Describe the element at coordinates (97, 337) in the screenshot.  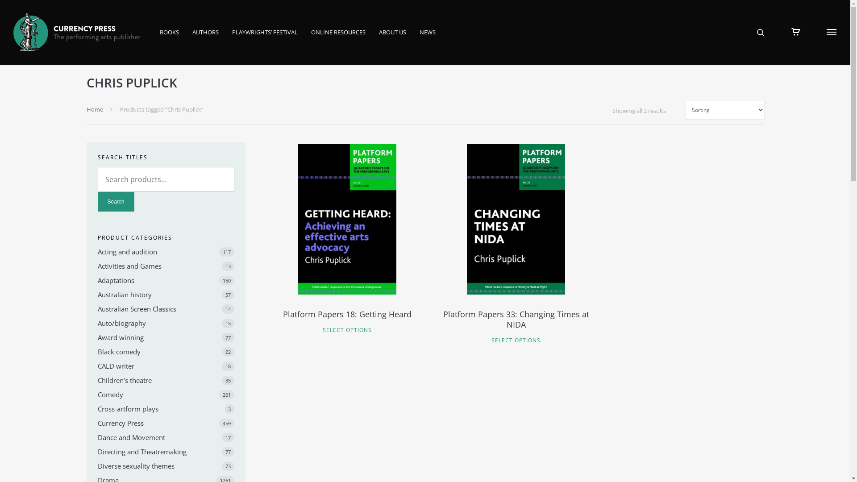
I see `'Award winning'` at that location.